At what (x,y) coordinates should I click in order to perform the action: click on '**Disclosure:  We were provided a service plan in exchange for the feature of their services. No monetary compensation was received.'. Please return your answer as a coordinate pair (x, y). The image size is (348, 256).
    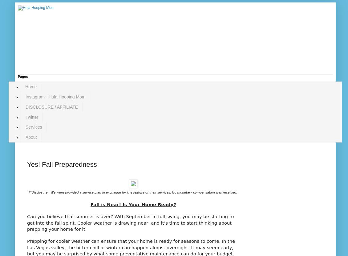
    Looking at the image, I should click on (133, 192).